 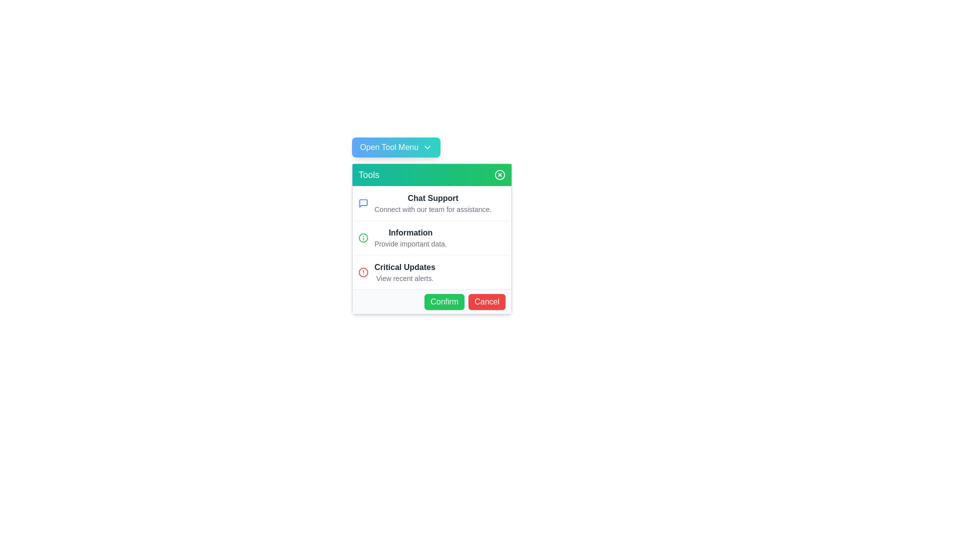 What do you see at coordinates (433, 209) in the screenshot?
I see `the static text label that provides a descriptive statement for the 'Chat Support' section, located beneath the 'Chat Support' title in the green 'Tools' panel` at bounding box center [433, 209].